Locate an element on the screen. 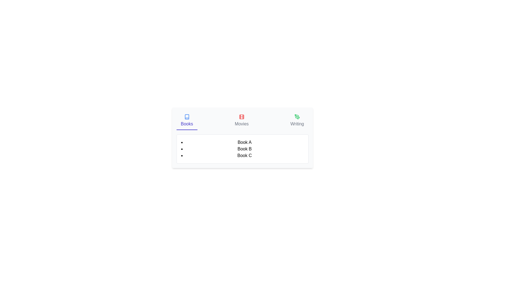 The width and height of the screenshot is (528, 297). the Books tab is located at coordinates (187, 120).